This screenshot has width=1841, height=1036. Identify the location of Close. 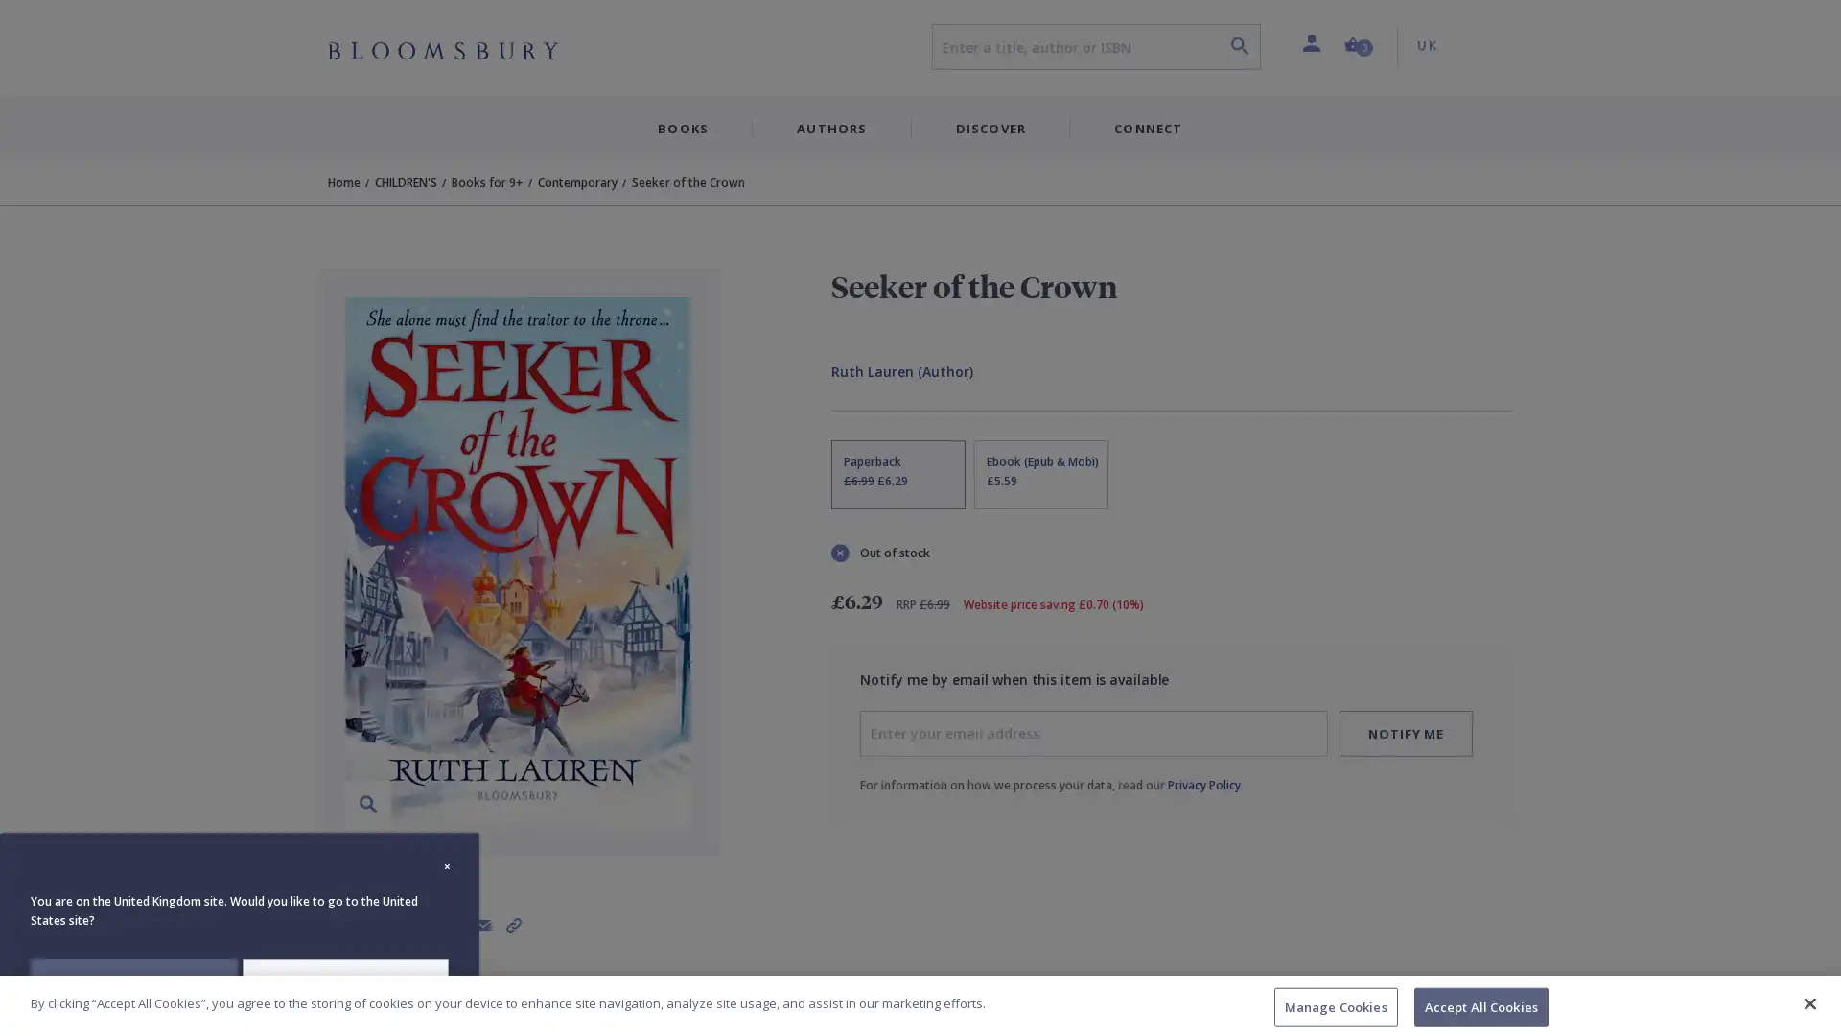
(446, 866).